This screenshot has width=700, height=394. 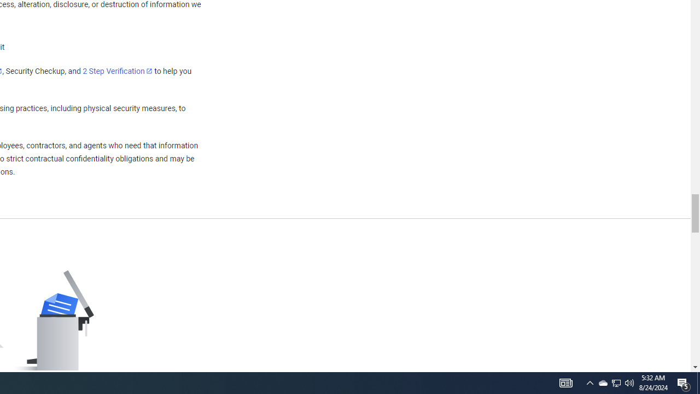 I want to click on '2 Step Verification', so click(x=118, y=71).